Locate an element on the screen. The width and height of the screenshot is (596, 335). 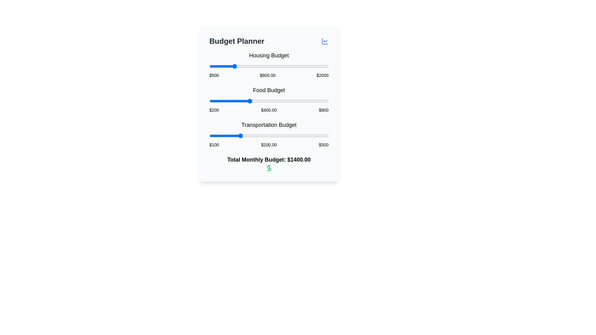
the transportation budget is located at coordinates (282, 136).